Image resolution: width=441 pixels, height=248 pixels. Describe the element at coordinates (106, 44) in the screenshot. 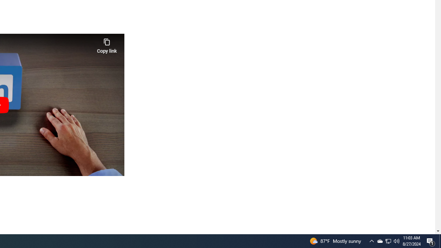

I see `'Copy link'` at that location.